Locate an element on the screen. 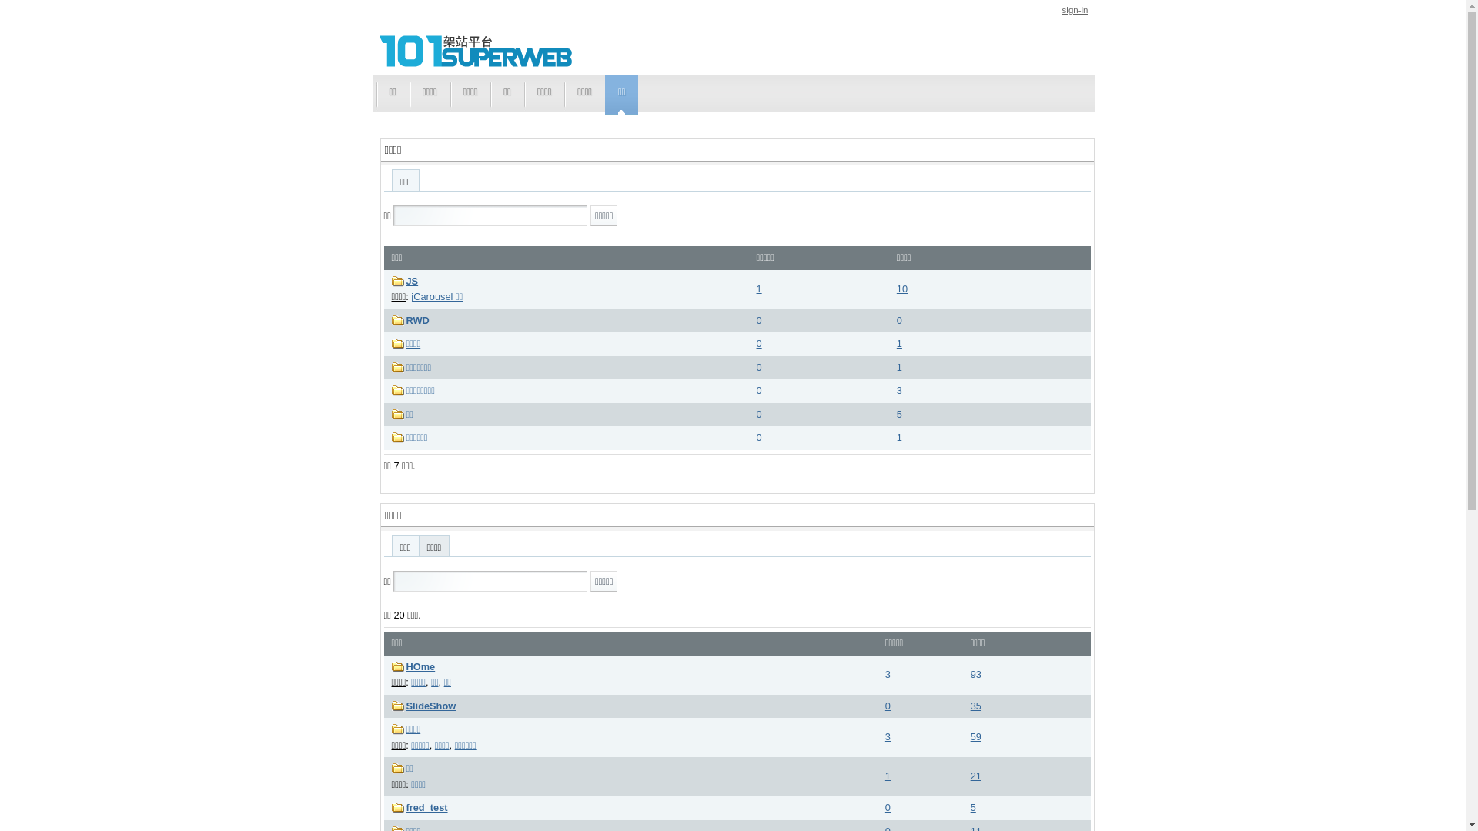 The image size is (1478, 831). '1' is located at coordinates (899, 342).